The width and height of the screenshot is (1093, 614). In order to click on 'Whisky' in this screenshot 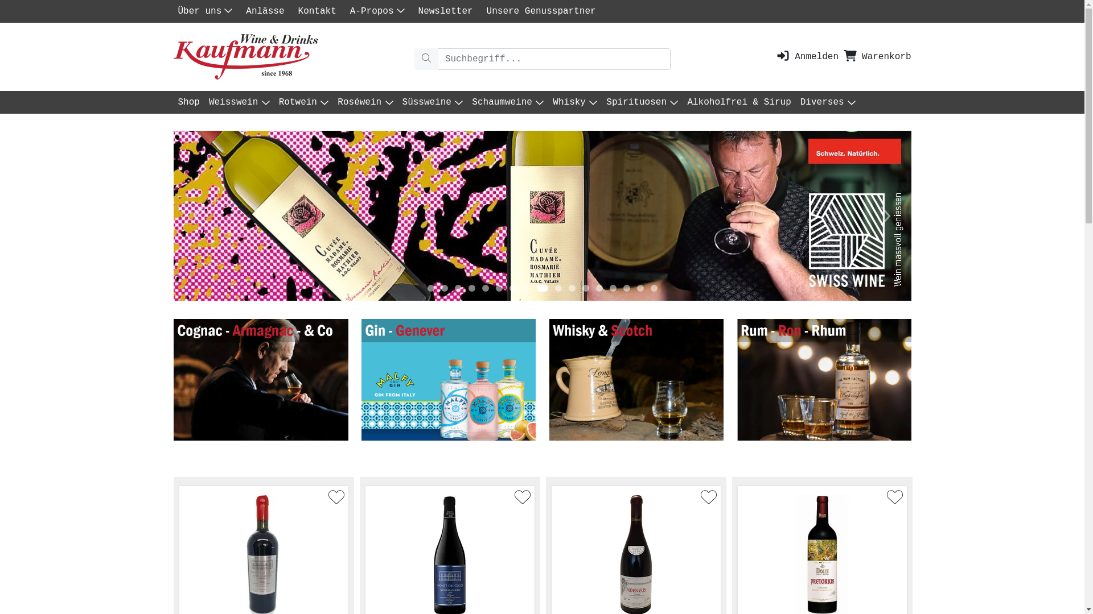, I will do `click(548, 102)`.